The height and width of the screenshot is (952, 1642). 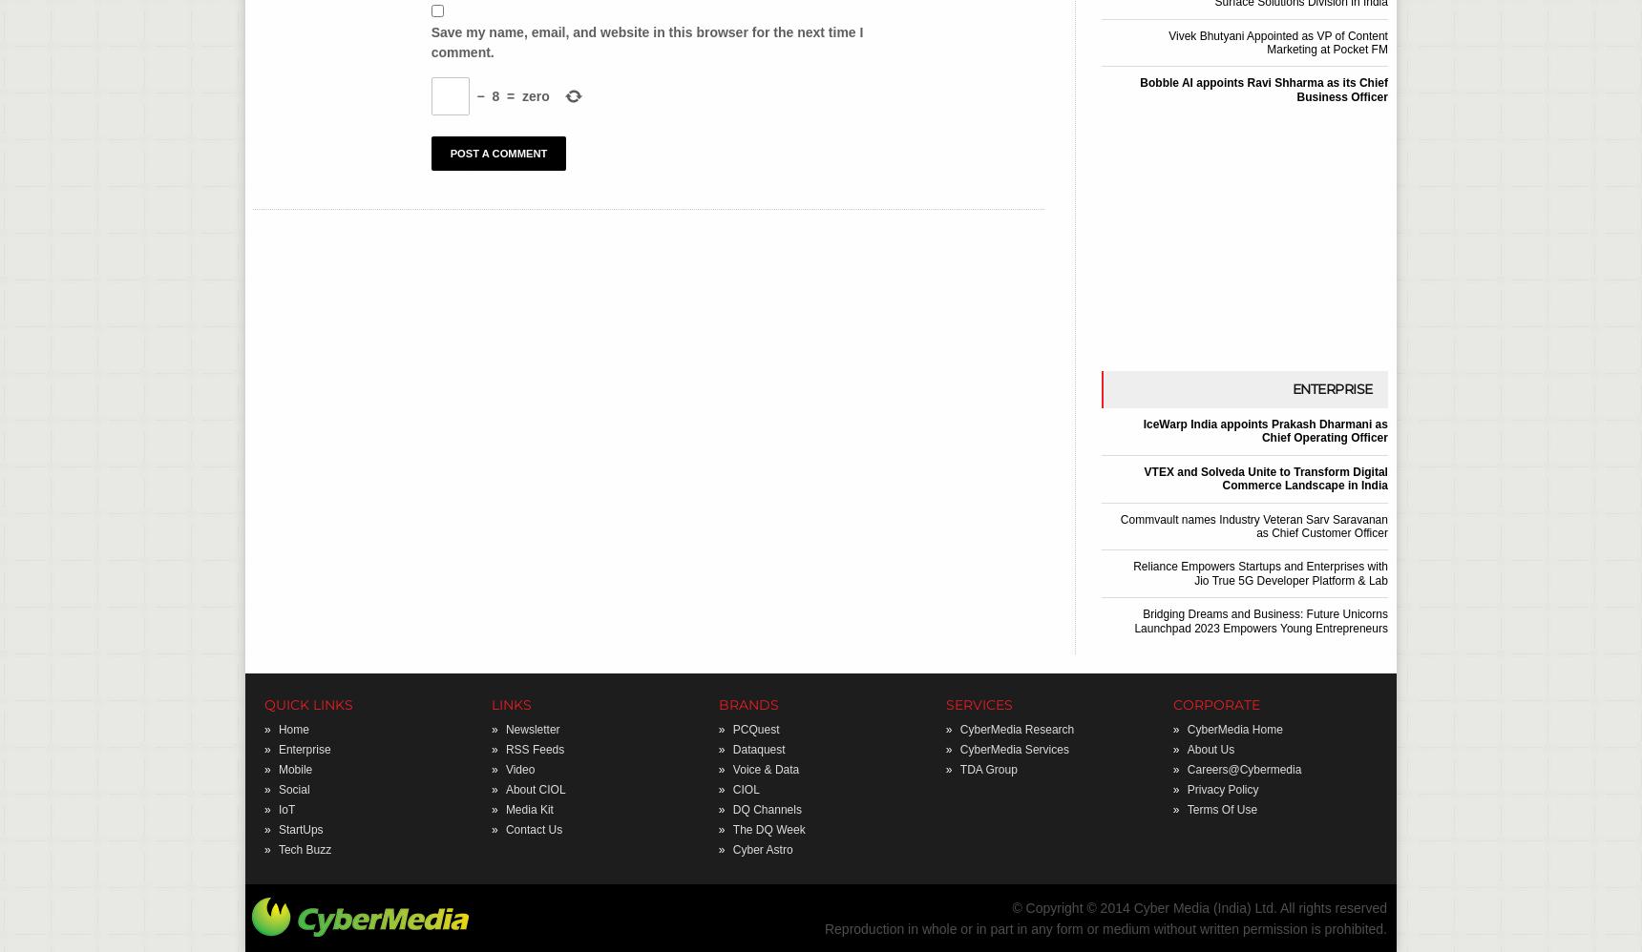 I want to click on 'CyberMedia Research', so click(x=1016, y=727).